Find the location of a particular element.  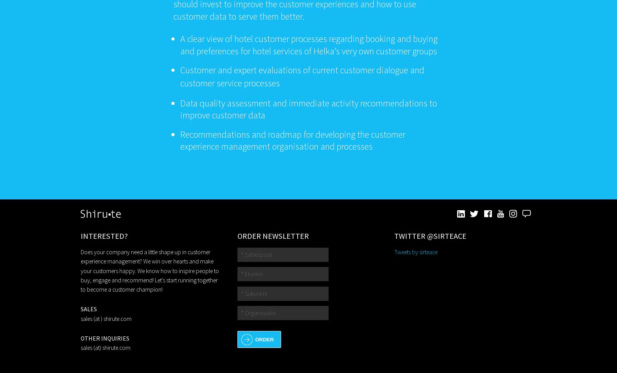

'Recommendations and roadmap for developing the customer experience management organisation and processes' is located at coordinates (293, 140).